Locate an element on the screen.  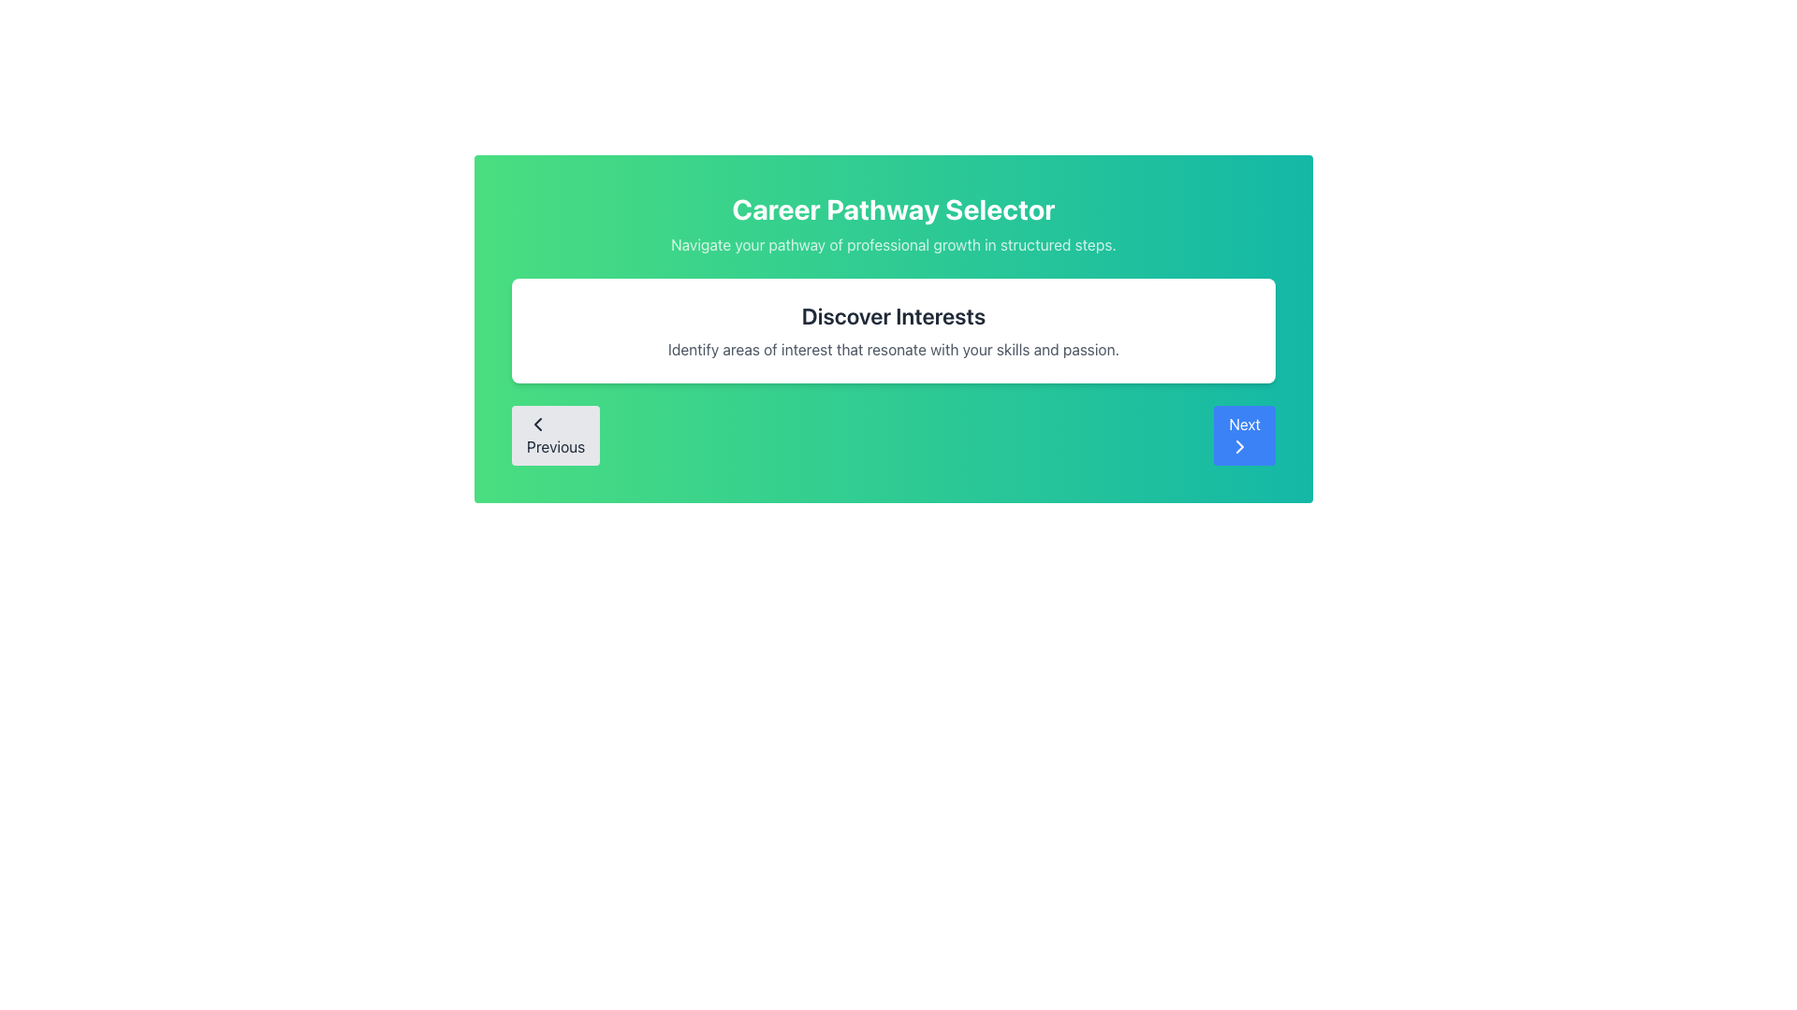
the static text element that reads 'Identify areas of interest that resonate with your skills and passion.', which is positioned directly below the header 'Discover Interests' is located at coordinates (893, 350).